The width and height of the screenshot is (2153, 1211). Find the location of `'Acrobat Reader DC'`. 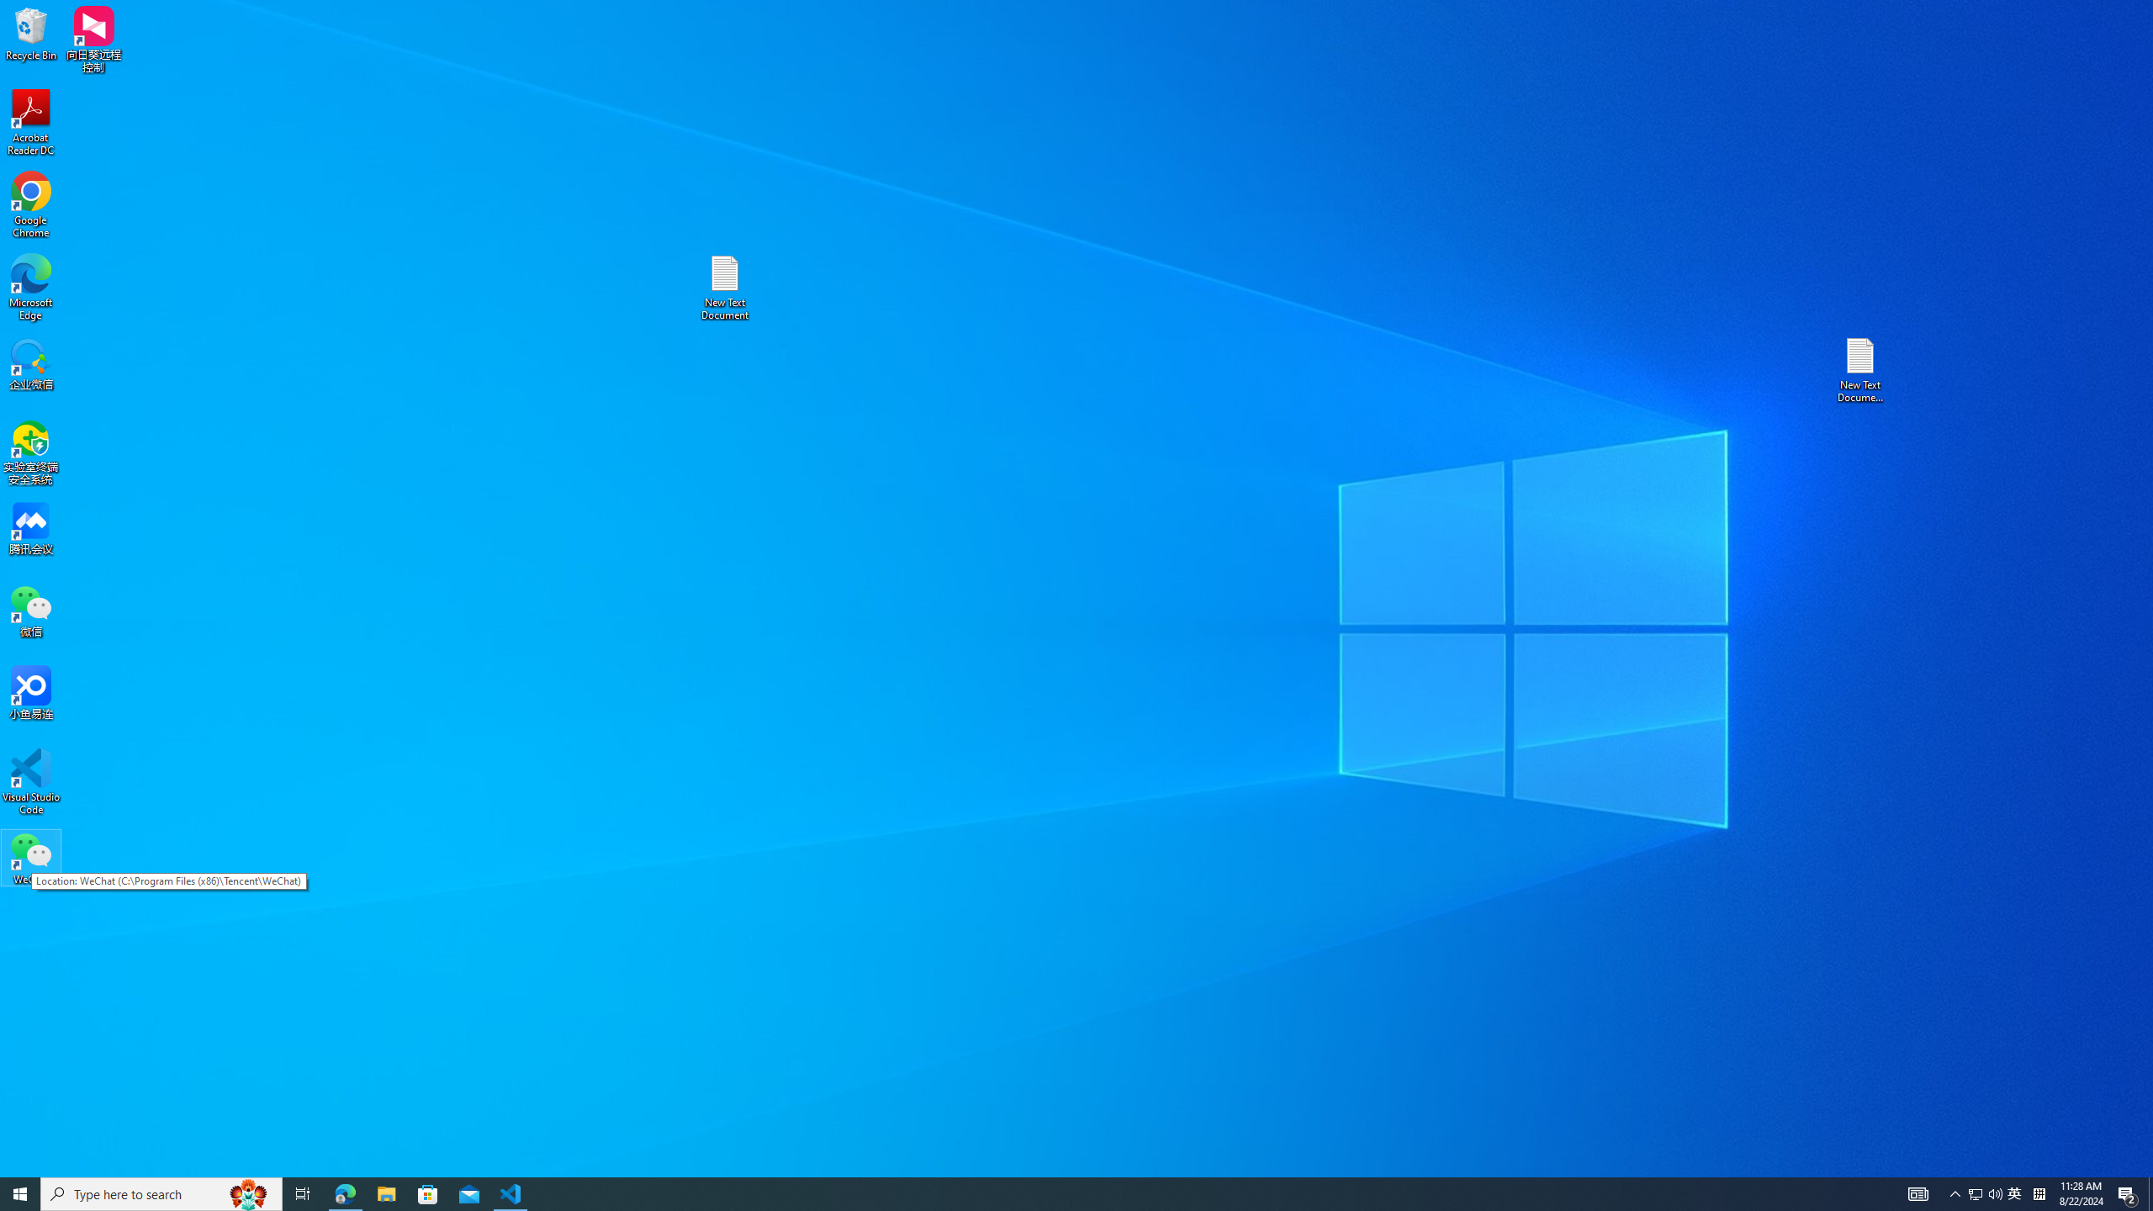

'Acrobat Reader DC' is located at coordinates (30, 122).